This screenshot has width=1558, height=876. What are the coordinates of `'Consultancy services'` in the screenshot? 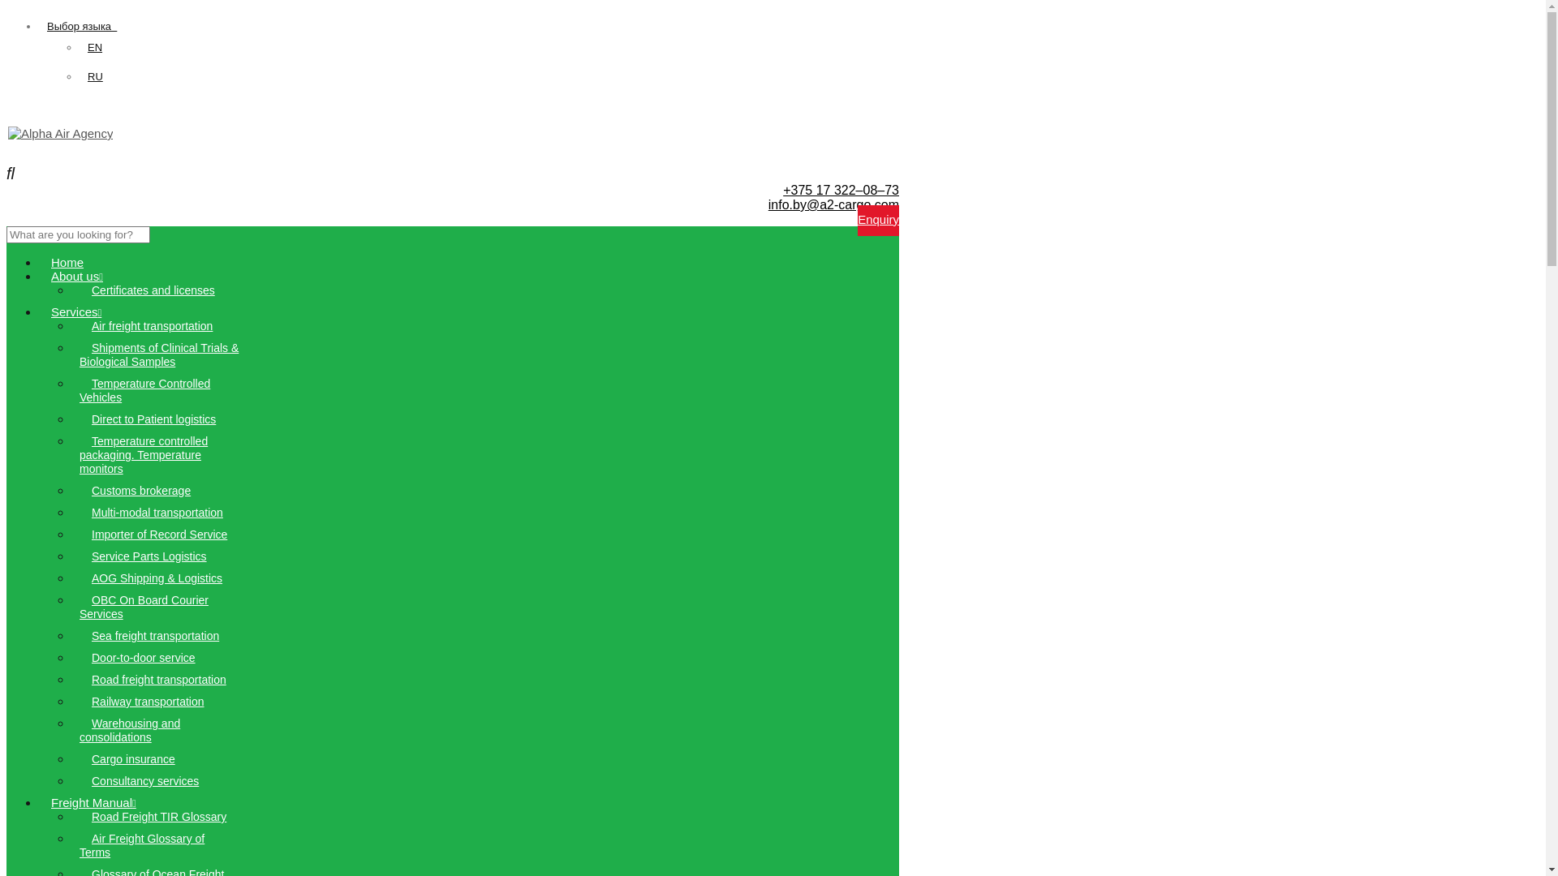 It's located at (144, 780).